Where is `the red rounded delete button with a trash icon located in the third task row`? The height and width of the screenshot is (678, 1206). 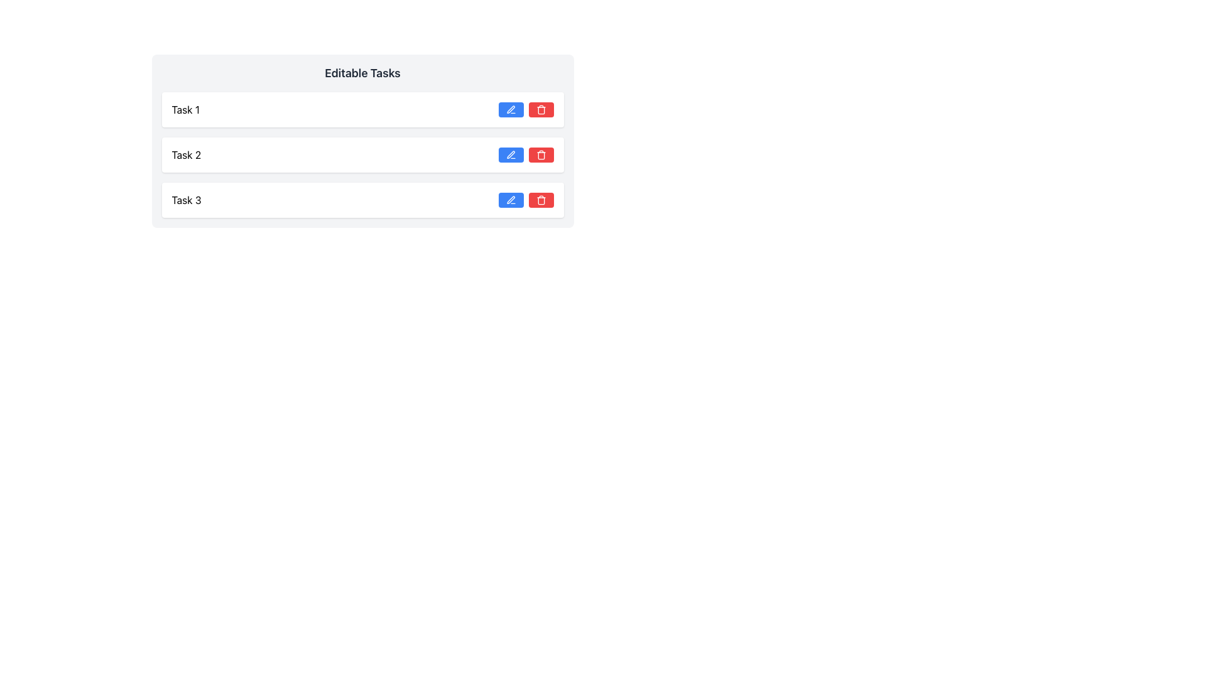
the red rounded delete button with a trash icon located in the third task row is located at coordinates (541, 200).